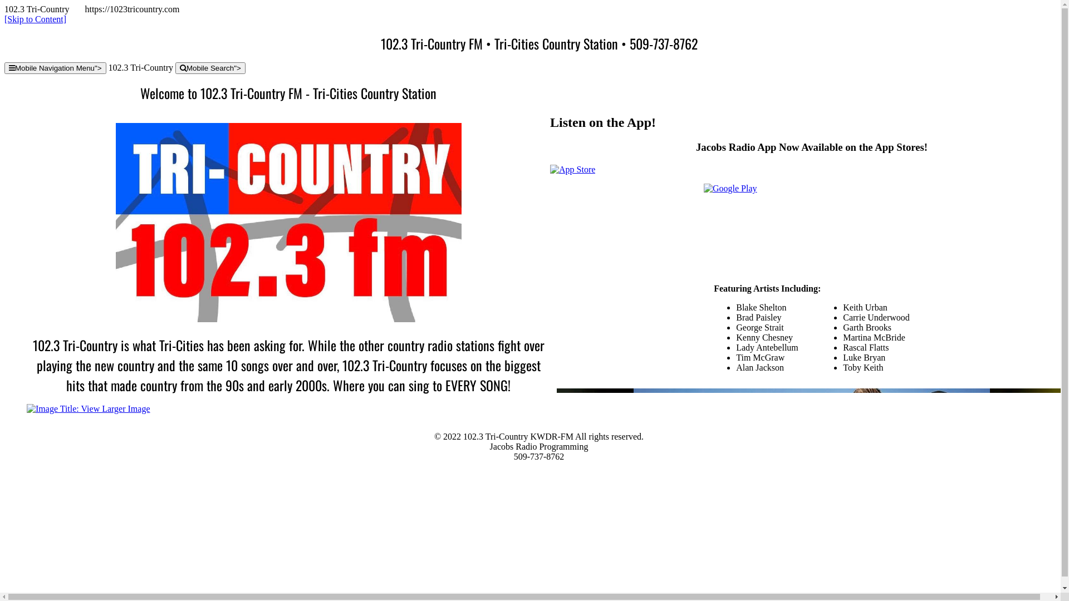  I want to click on 'Mobile Search">', so click(210, 68).